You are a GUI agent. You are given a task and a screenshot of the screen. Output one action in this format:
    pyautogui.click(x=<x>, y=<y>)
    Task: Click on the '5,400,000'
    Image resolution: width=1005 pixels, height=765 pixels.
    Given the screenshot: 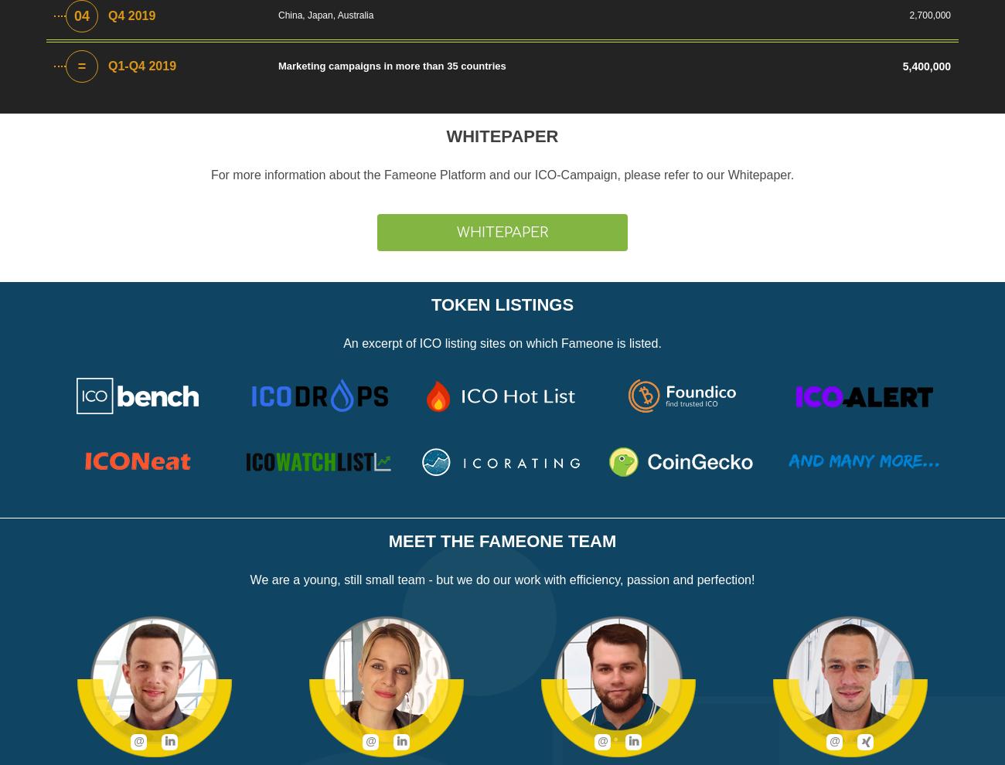 What is the action you would take?
    pyautogui.click(x=902, y=66)
    